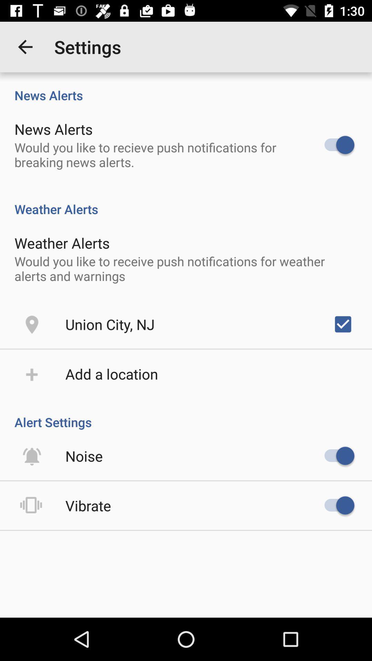  I want to click on vibrate, so click(88, 505).